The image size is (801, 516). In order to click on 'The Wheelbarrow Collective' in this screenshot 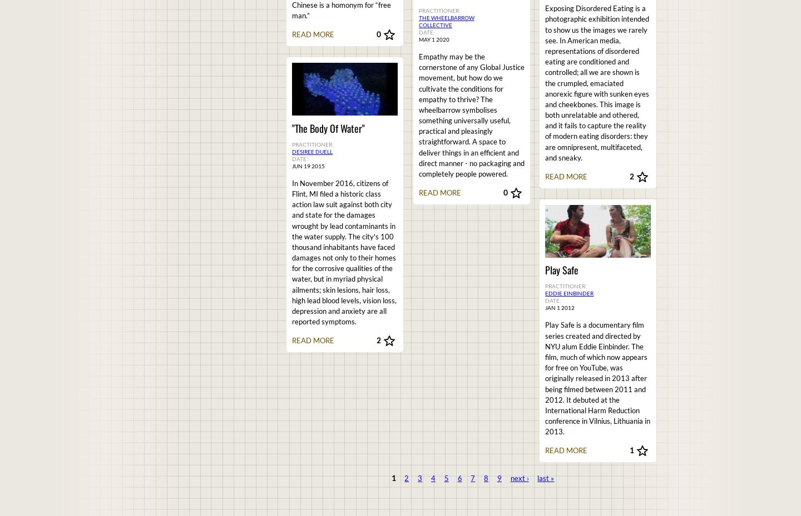, I will do `click(417, 20)`.